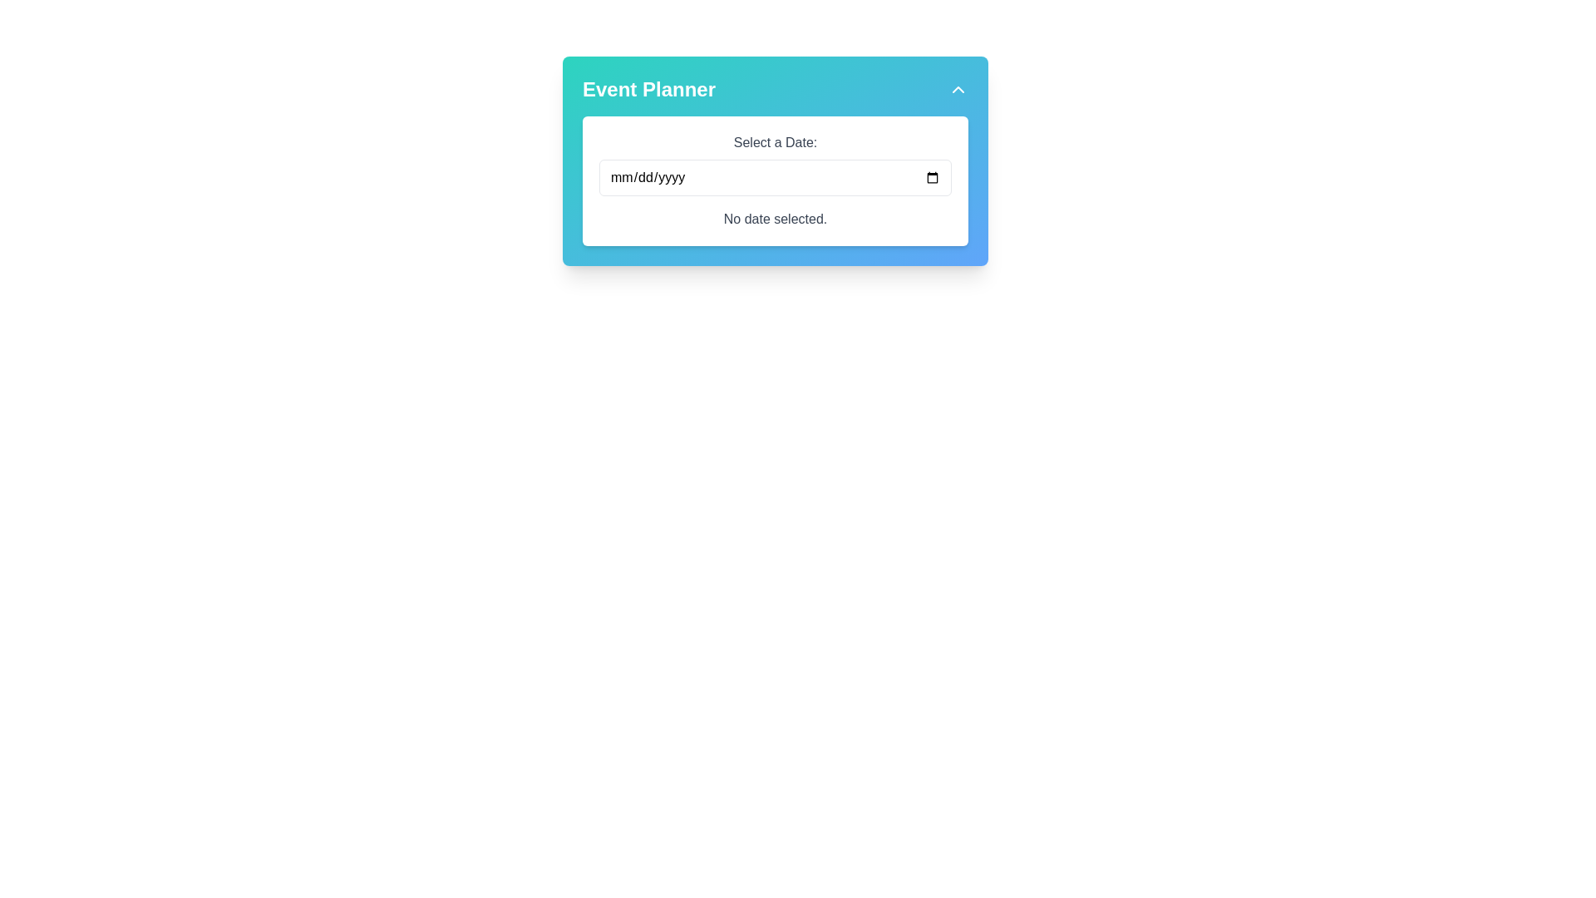 The width and height of the screenshot is (1596, 898). I want to click on the date input field within the 'Event Planner' card, so click(774, 160).